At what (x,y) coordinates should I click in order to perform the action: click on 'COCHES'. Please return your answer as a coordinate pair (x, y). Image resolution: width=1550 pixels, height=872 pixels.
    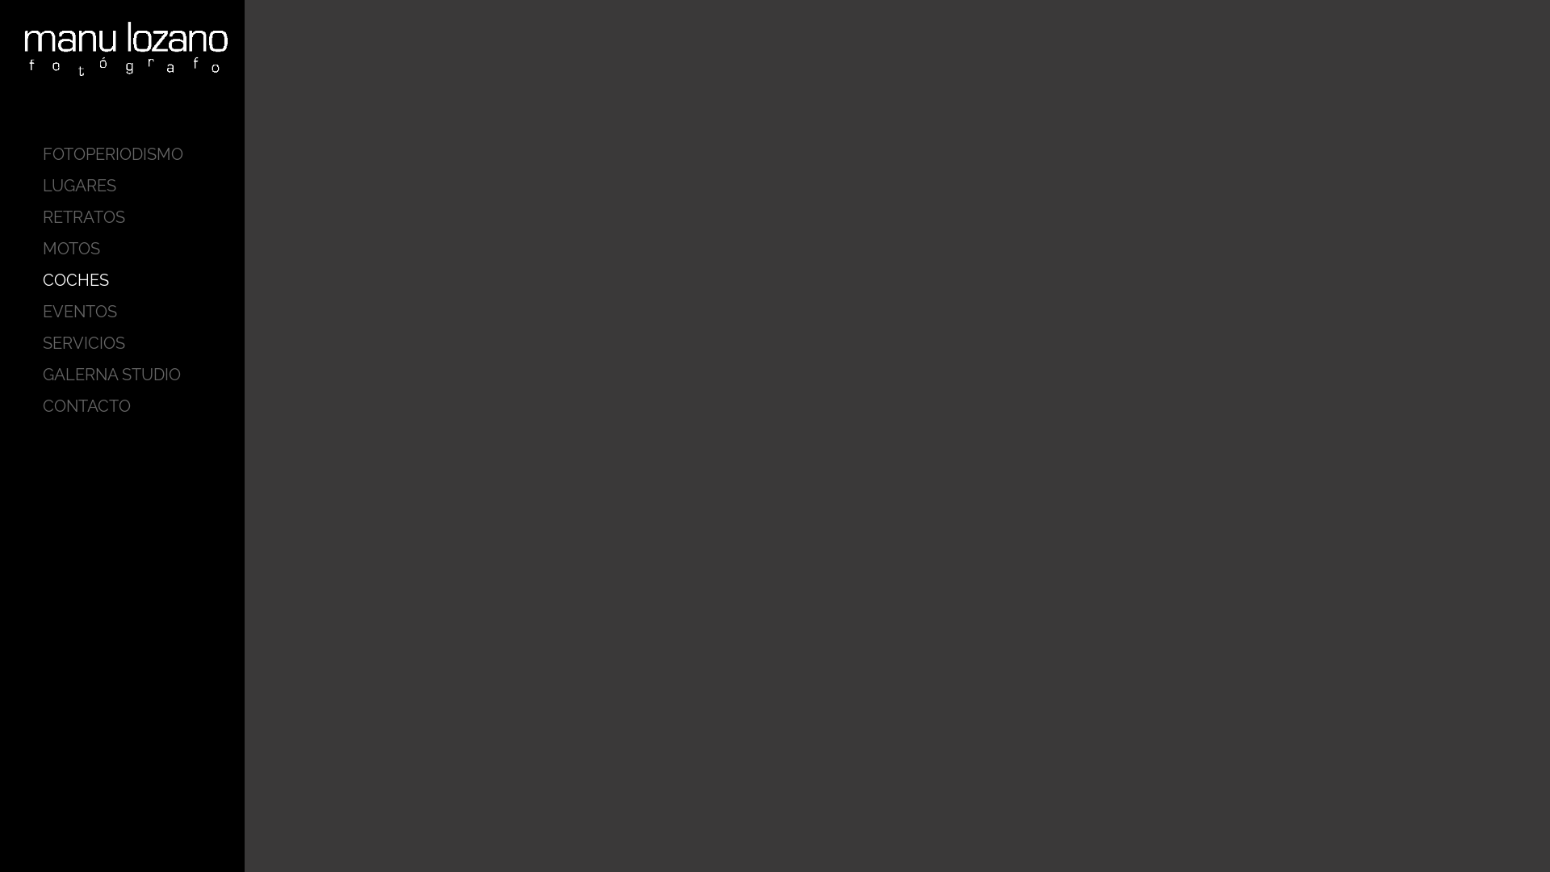
    Looking at the image, I should click on (111, 279).